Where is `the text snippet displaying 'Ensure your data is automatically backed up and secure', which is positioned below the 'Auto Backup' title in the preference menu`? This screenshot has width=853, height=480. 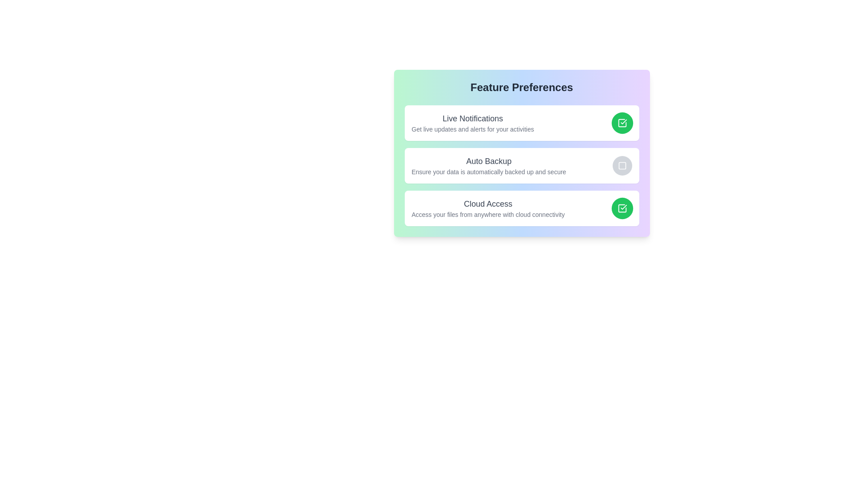 the text snippet displaying 'Ensure your data is automatically backed up and secure', which is positioned below the 'Auto Backup' title in the preference menu is located at coordinates (488, 172).